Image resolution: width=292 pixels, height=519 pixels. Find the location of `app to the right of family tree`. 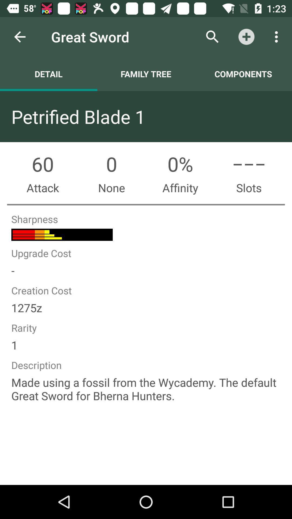

app to the right of family tree is located at coordinates (243, 74).